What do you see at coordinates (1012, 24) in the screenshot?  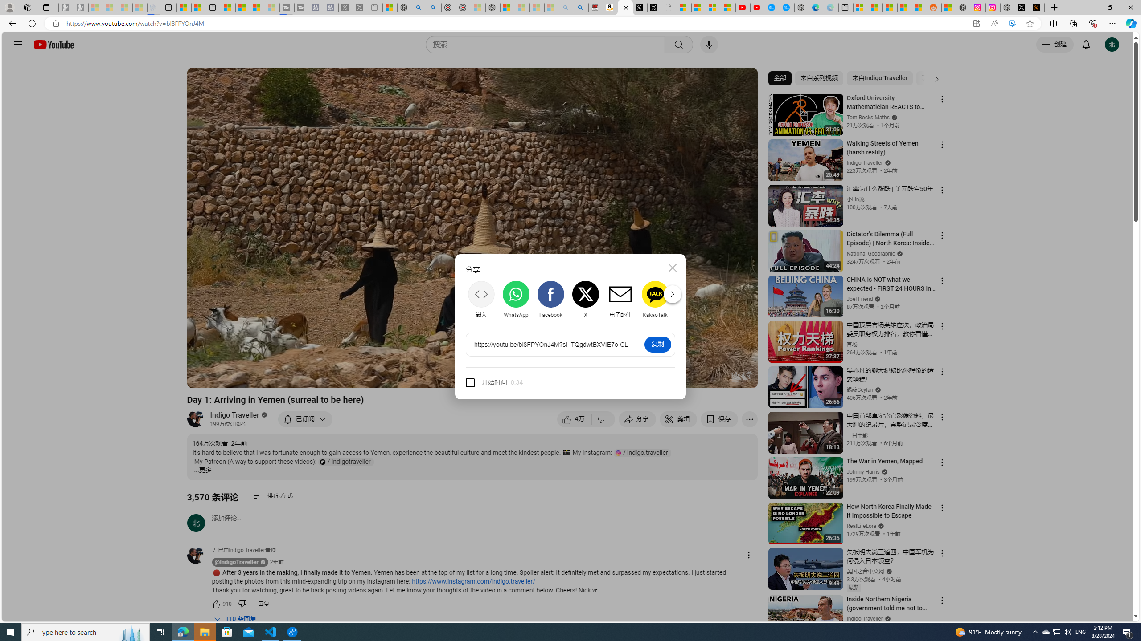 I see `'Enhance video'` at bounding box center [1012, 24].